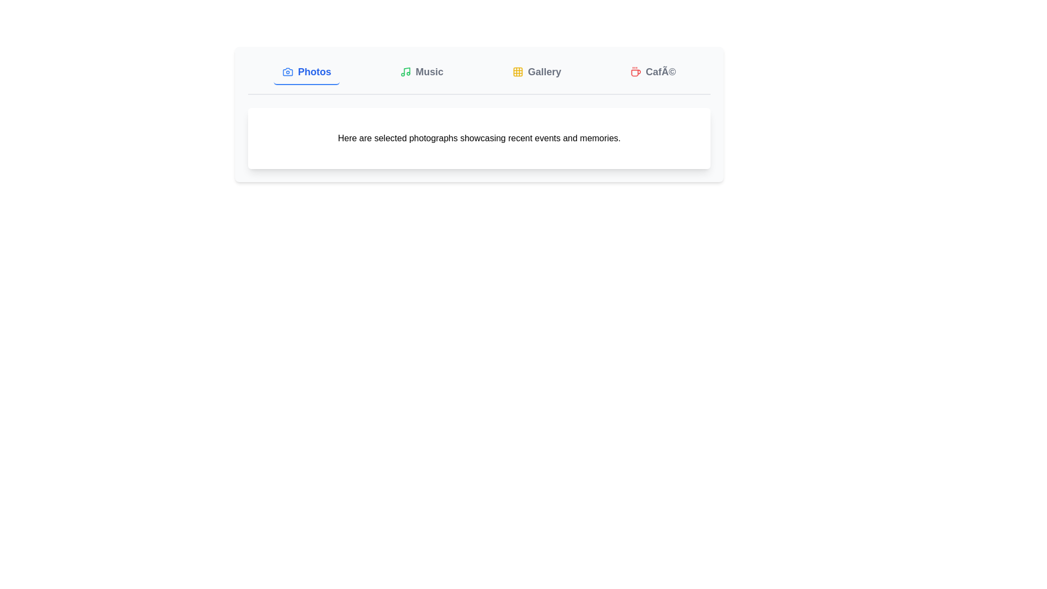 The height and width of the screenshot is (589, 1047). Describe the element at coordinates (421, 72) in the screenshot. I see `the 'Music' tab button in the navigation bar, which features a green music note icon and is positioned between the 'Photos' and 'Gallery' tabs` at that location.